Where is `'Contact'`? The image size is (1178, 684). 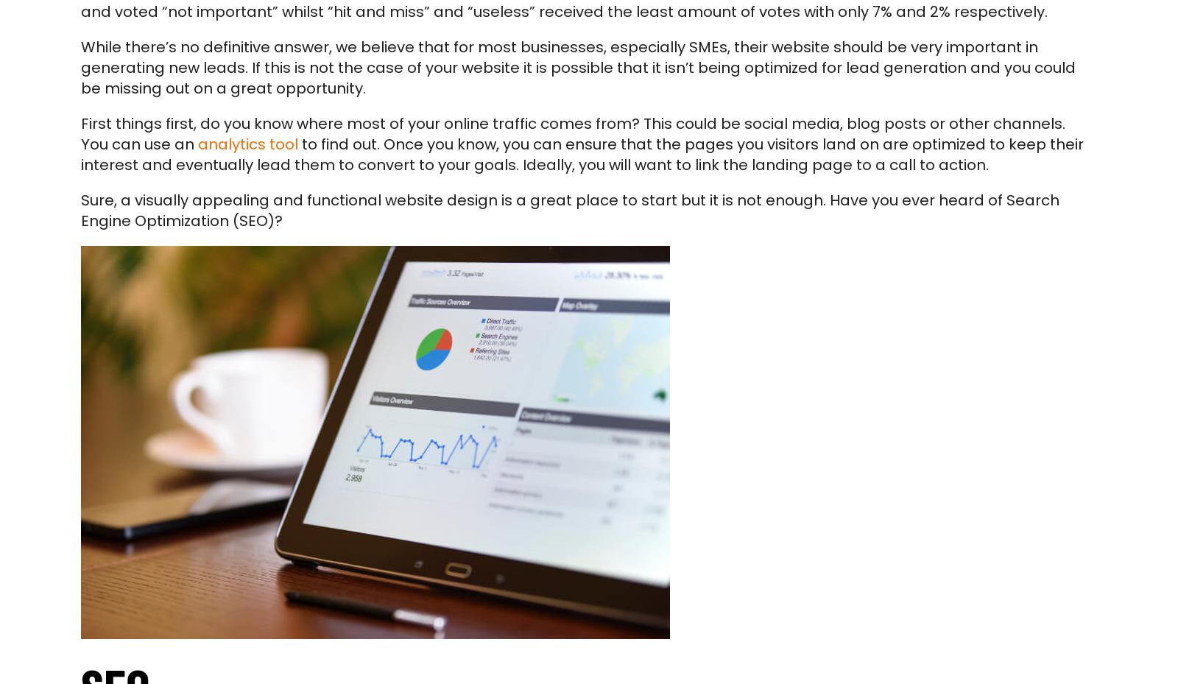 'Contact' is located at coordinates (79, 476).